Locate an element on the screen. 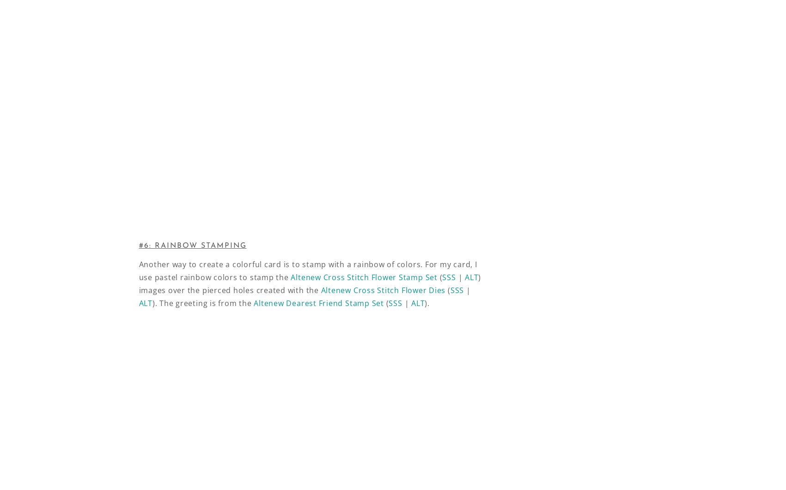 The width and height of the screenshot is (786, 490). '#6: RAINBOW STAMPING' is located at coordinates (192, 246).